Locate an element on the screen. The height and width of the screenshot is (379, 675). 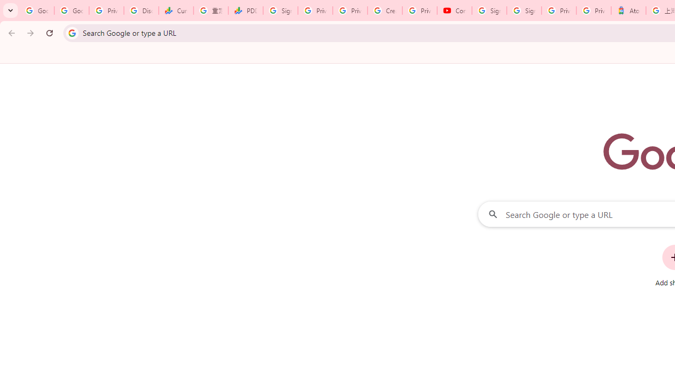
'Currencies - Google Finance' is located at coordinates (176, 11).